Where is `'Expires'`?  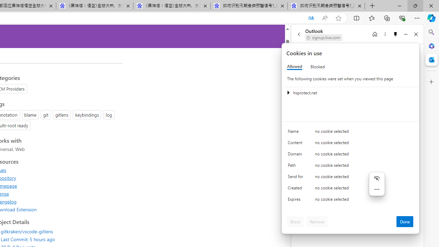
'Expires' is located at coordinates (297, 201).